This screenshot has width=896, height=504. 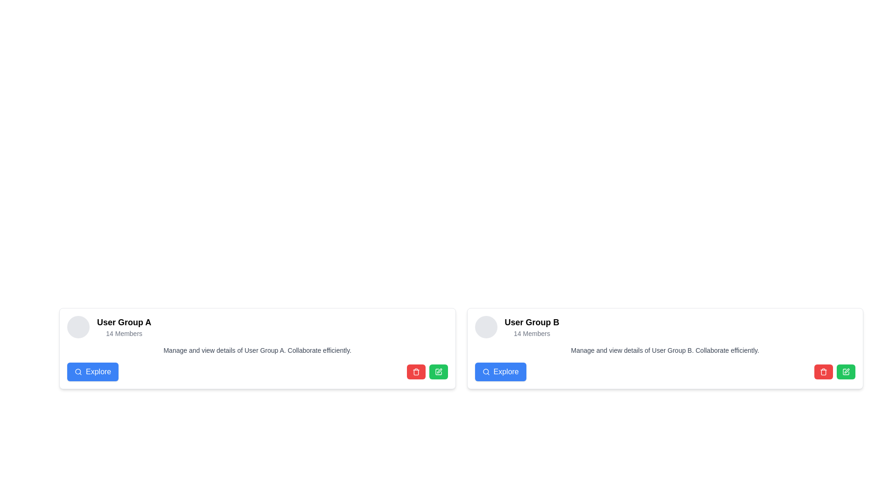 I want to click on the magnifying glass icon indicating search functionality within the 'Explore' button of 'User Group A', so click(x=78, y=371).